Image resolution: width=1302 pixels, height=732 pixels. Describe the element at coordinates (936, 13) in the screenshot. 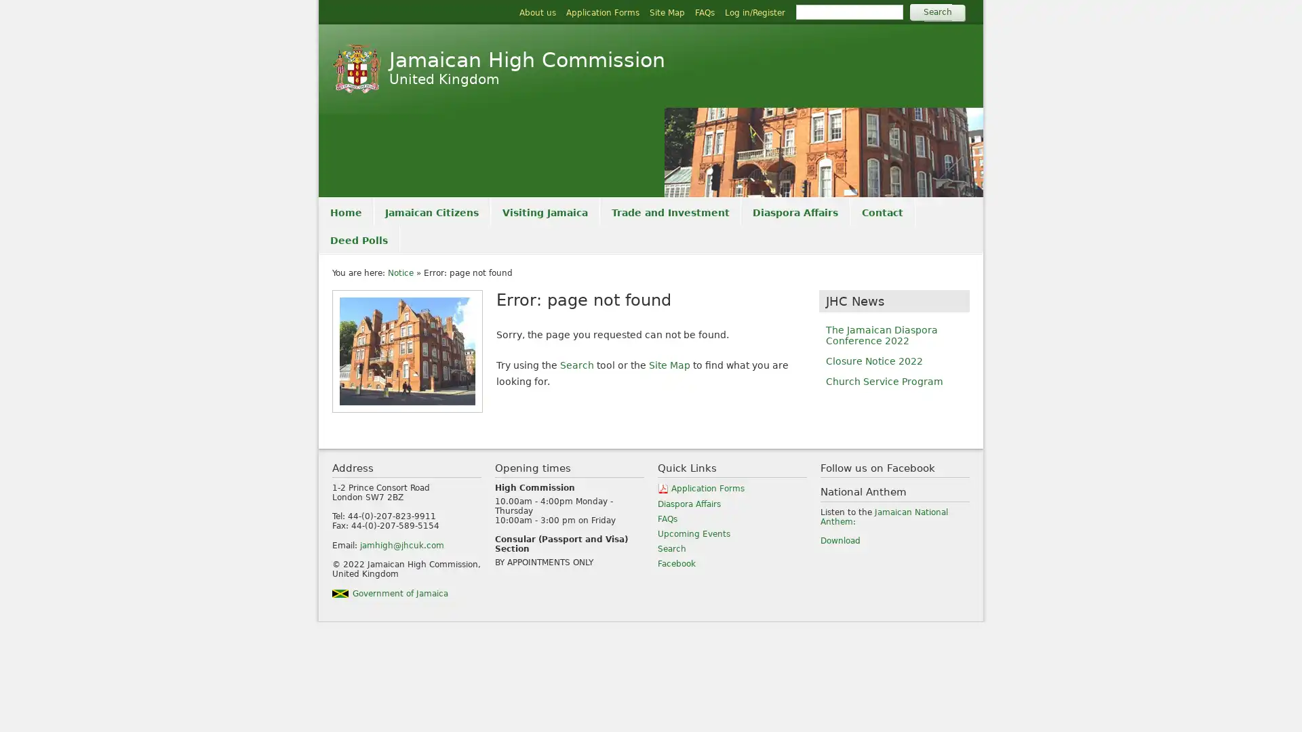

I see `Search` at that location.